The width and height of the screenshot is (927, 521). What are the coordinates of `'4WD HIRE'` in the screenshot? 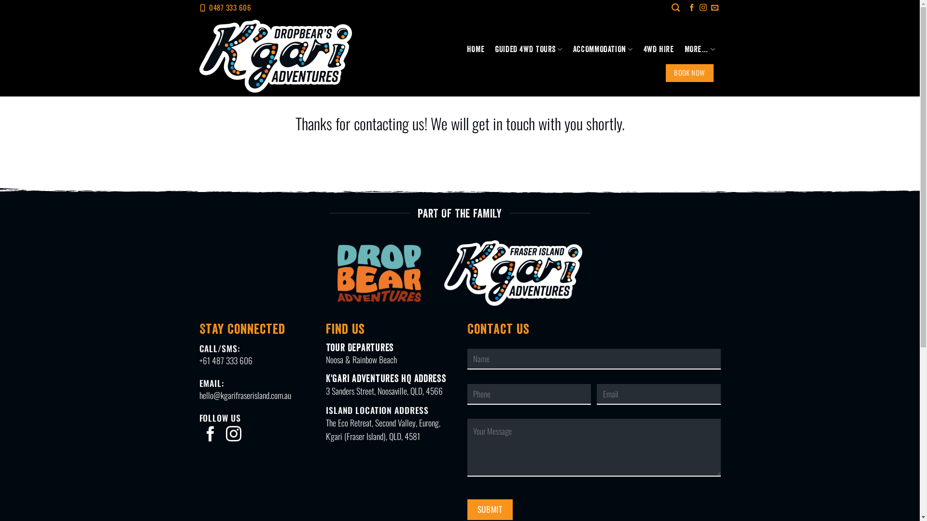 It's located at (658, 49).